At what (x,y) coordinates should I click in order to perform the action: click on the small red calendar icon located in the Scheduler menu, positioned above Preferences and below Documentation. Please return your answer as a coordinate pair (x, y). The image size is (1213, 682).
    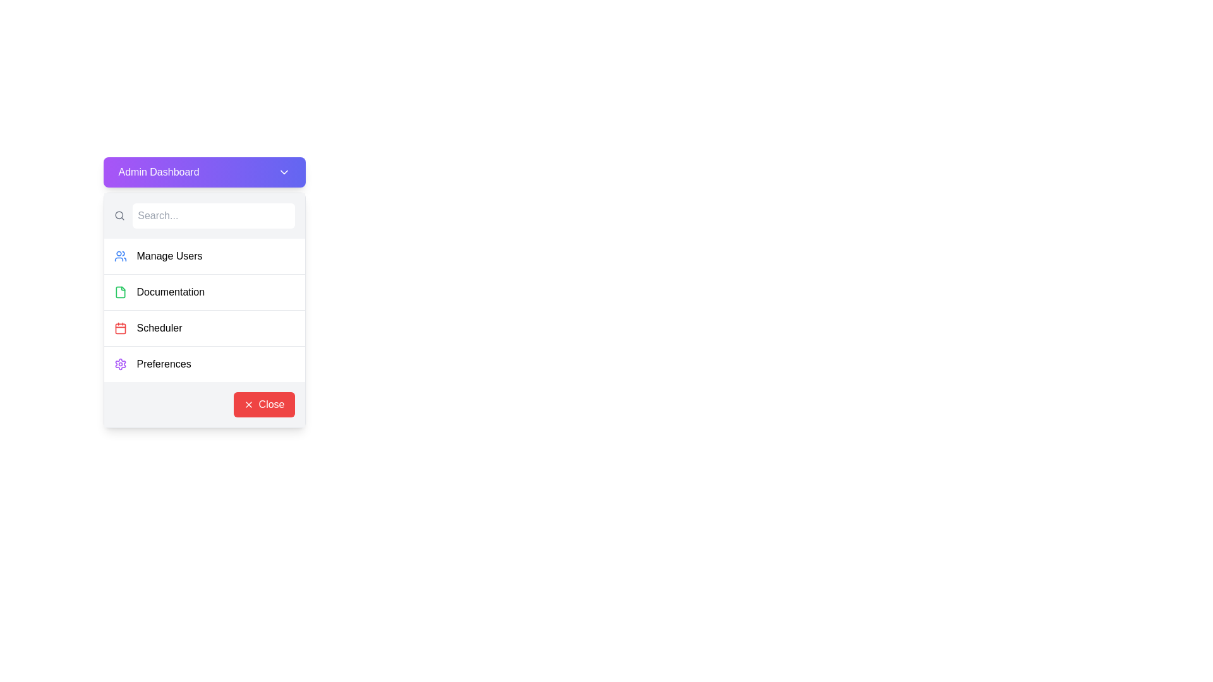
    Looking at the image, I should click on (120, 328).